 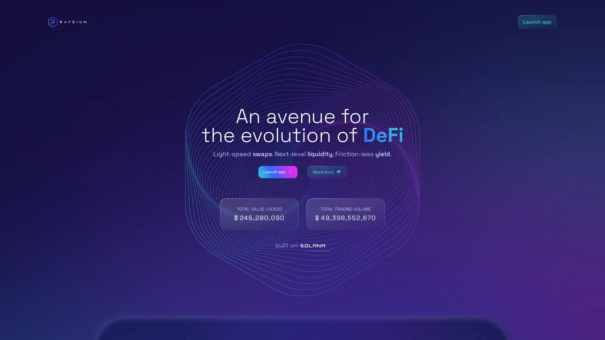 What do you see at coordinates (331, 172) in the screenshot?
I see `Read docs gitbook` at bounding box center [331, 172].